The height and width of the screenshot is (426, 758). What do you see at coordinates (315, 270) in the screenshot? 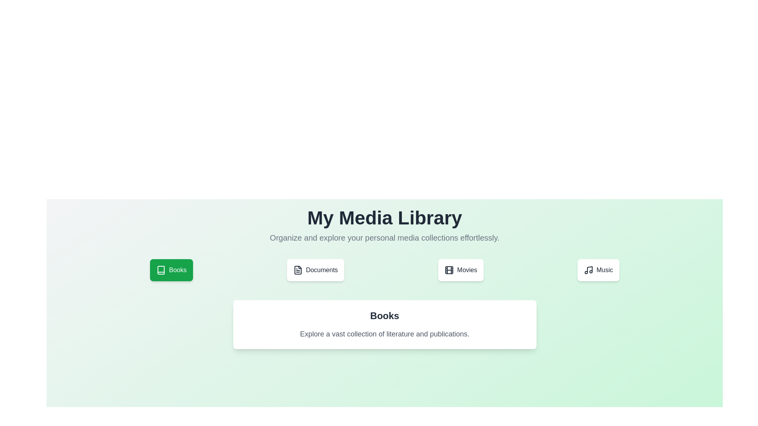
I see `the tab labeled Documents to switch its active state` at bounding box center [315, 270].